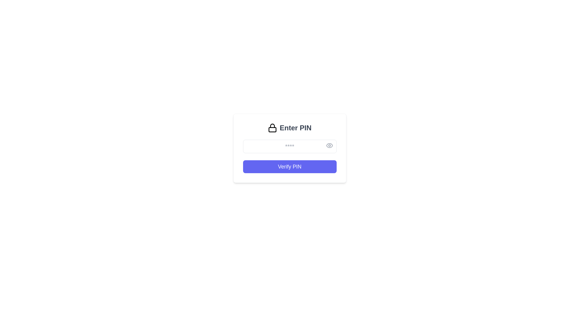 This screenshot has height=317, width=565. What do you see at coordinates (295, 127) in the screenshot?
I see `the bold 'Enter PIN' text label, which is styled with a large dark gray font and is located to the right of a lock icon in the upper portion of the PIN entry form` at bounding box center [295, 127].